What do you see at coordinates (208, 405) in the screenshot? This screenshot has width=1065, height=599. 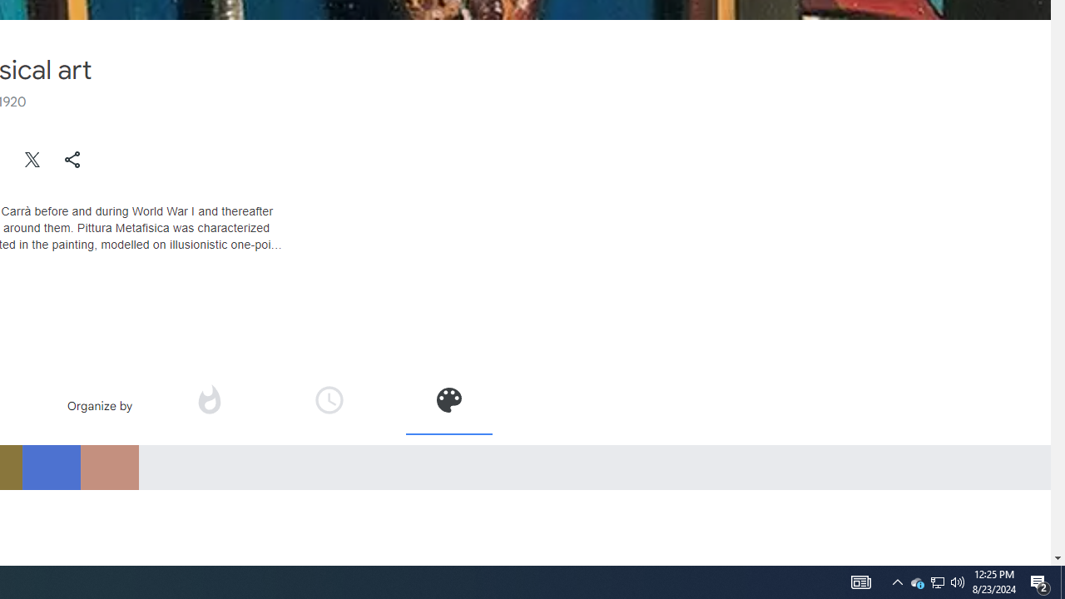 I see `'Organize by popularity'` at bounding box center [208, 405].